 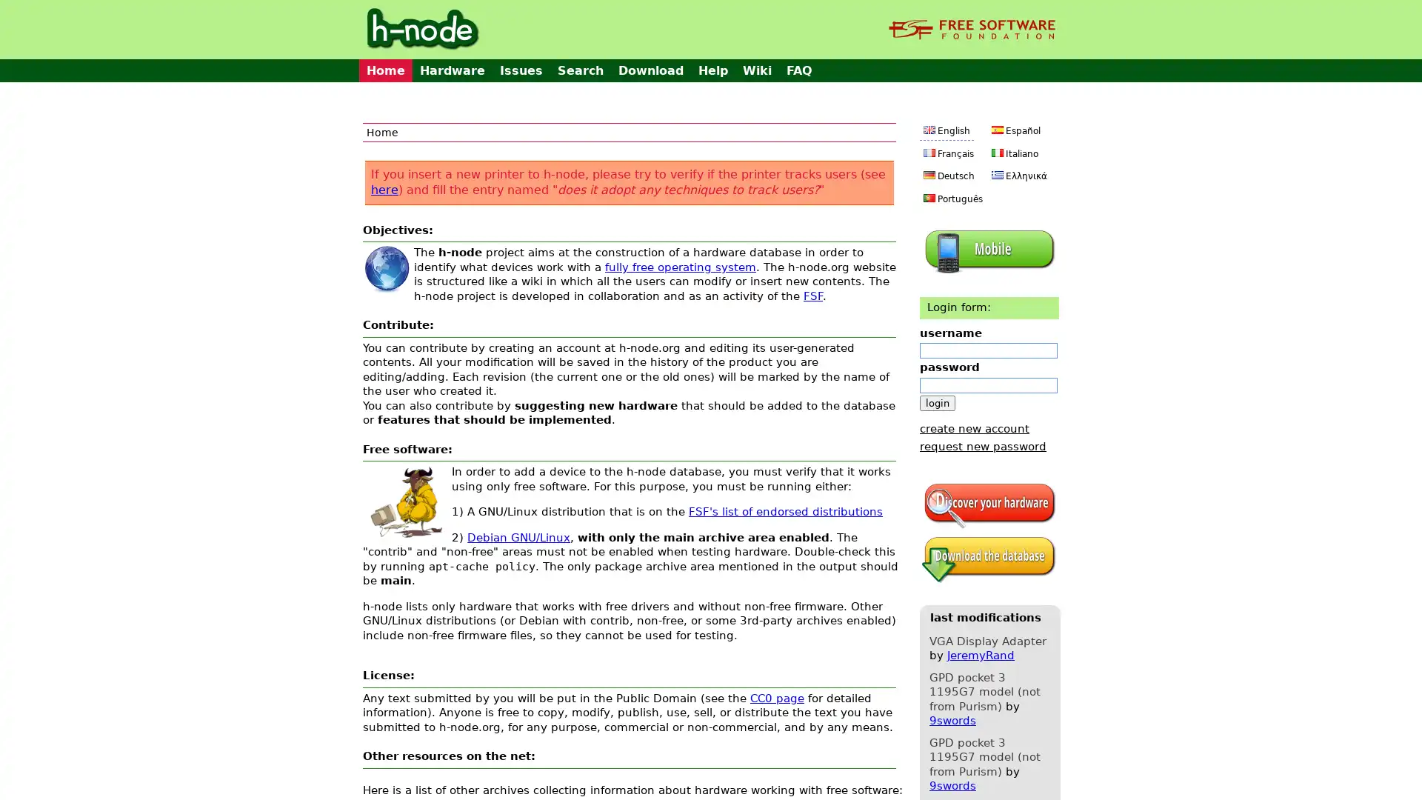 What do you see at coordinates (937, 402) in the screenshot?
I see `login` at bounding box center [937, 402].